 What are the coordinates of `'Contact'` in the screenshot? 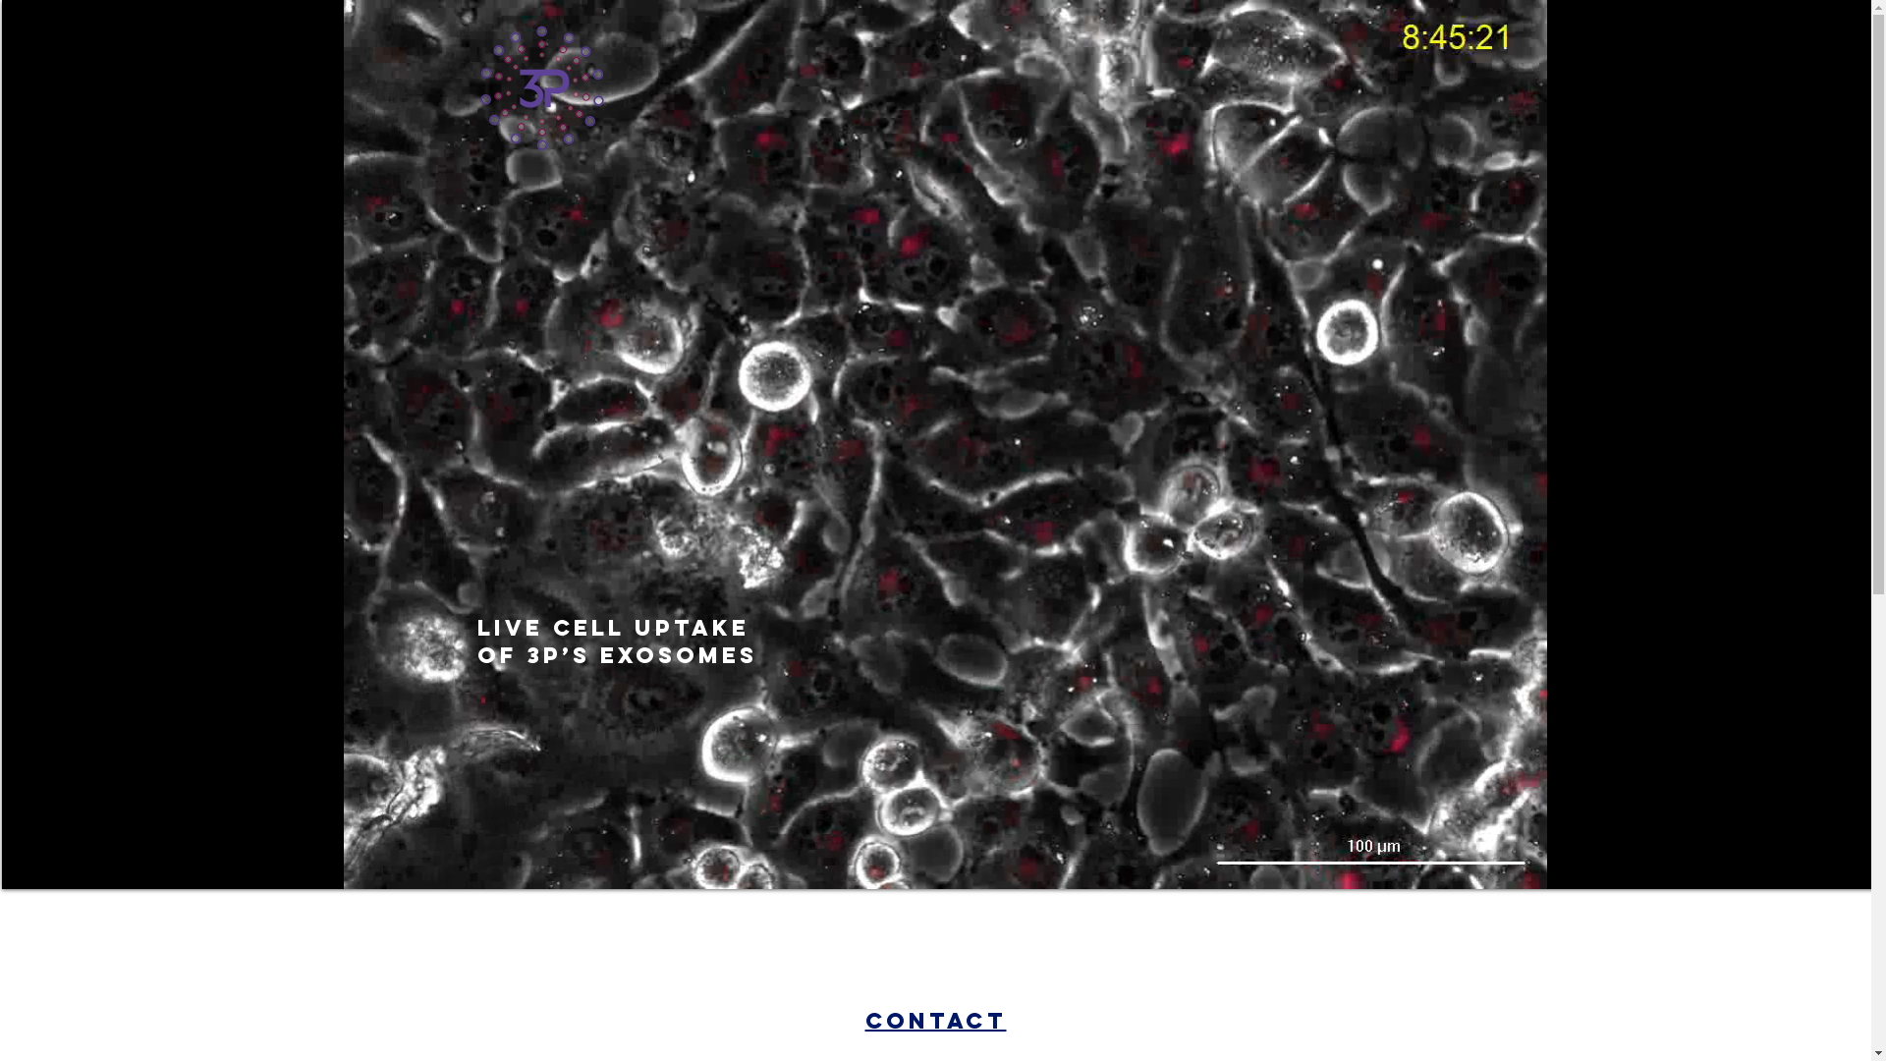 It's located at (933, 1019).